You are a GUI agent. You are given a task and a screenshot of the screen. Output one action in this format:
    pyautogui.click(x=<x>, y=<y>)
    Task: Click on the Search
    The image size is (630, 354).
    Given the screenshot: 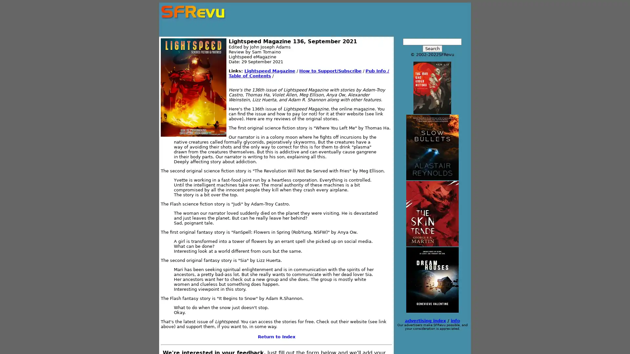 What is the action you would take?
    pyautogui.click(x=432, y=48)
    